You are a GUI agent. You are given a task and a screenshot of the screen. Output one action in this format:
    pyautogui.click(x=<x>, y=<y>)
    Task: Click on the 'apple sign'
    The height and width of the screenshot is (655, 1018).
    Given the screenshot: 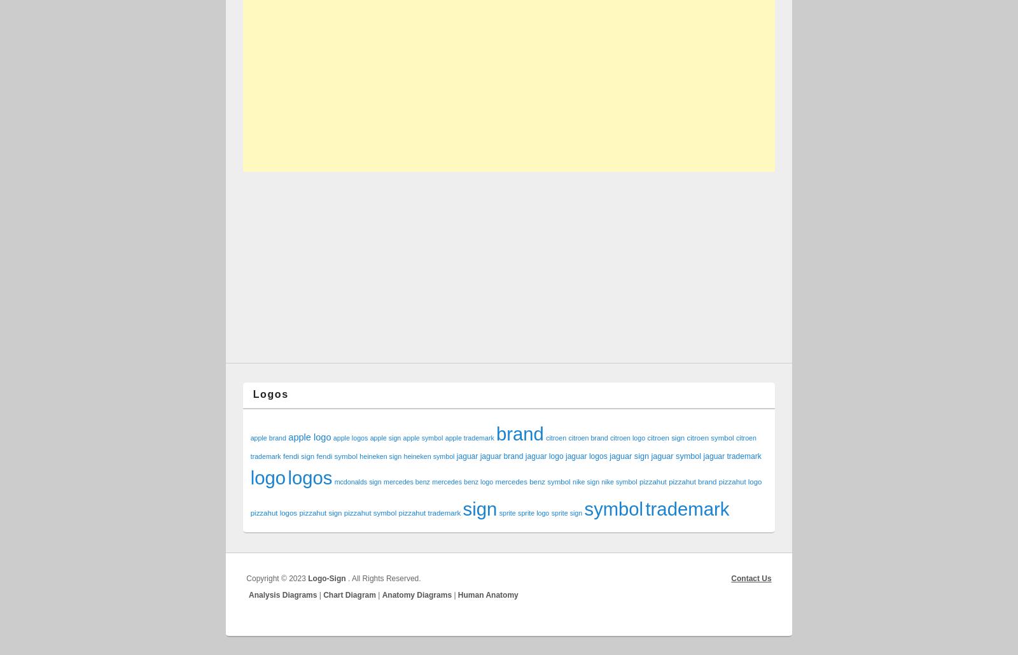 What is the action you would take?
    pyautogui.click(x=385, y=437)
    